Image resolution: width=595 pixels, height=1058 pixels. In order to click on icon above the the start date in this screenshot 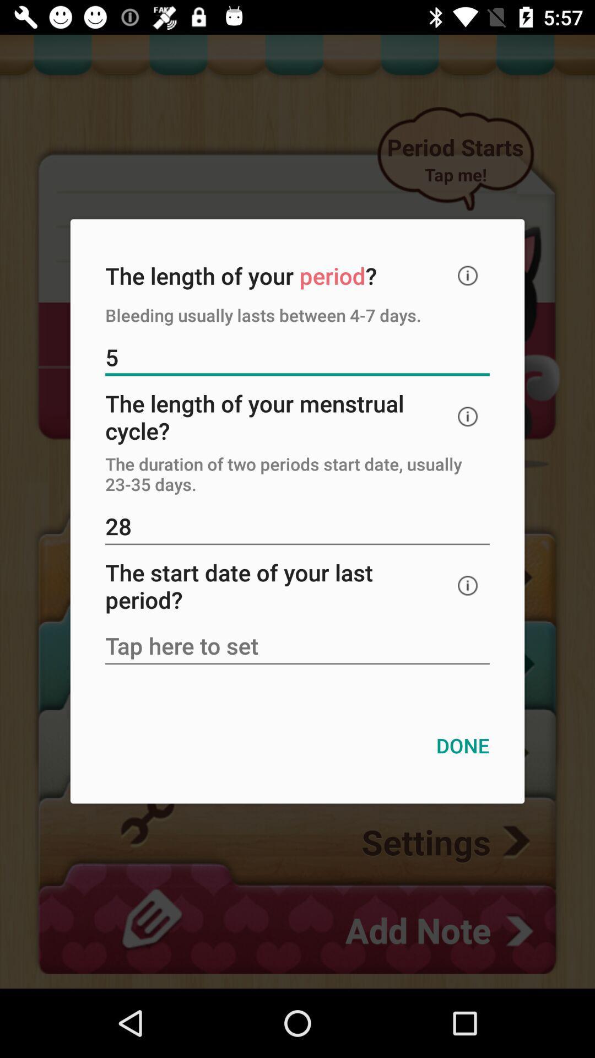, I will do `click(297, 527)`.